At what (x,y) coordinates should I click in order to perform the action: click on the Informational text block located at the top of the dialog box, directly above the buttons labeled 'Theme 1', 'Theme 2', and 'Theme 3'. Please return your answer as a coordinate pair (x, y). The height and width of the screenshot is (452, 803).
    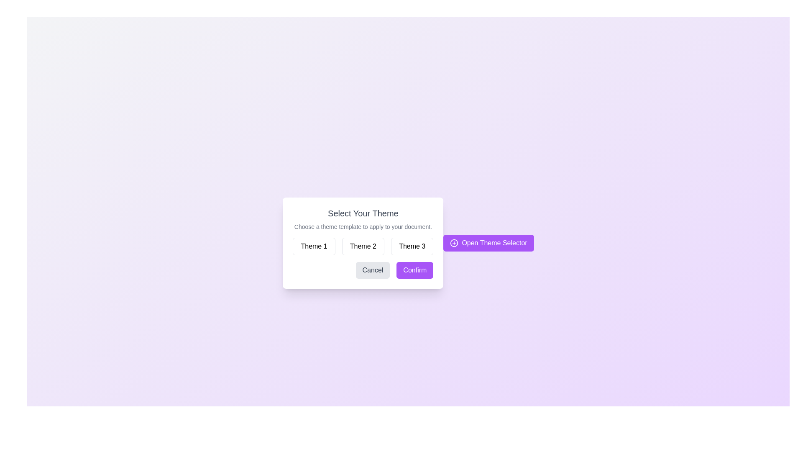
    Looking at the image, I should click on (363, 219).